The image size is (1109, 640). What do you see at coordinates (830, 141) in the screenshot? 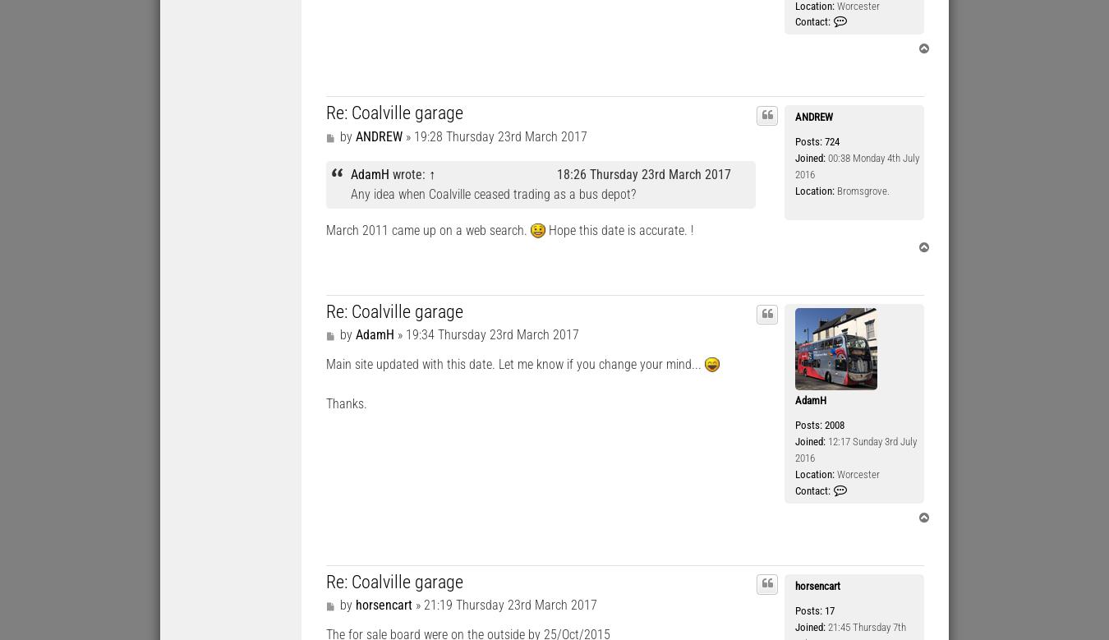
I see `'724'` at bounding box center [830, 141].